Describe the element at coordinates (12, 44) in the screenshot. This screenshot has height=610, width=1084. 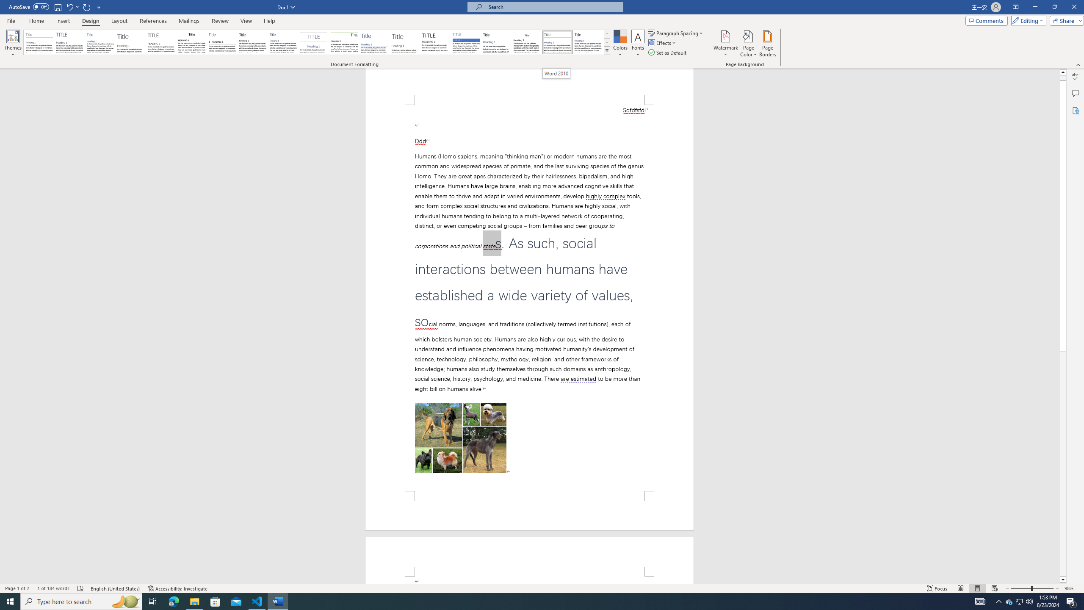
I see `'Themes'` at that location.